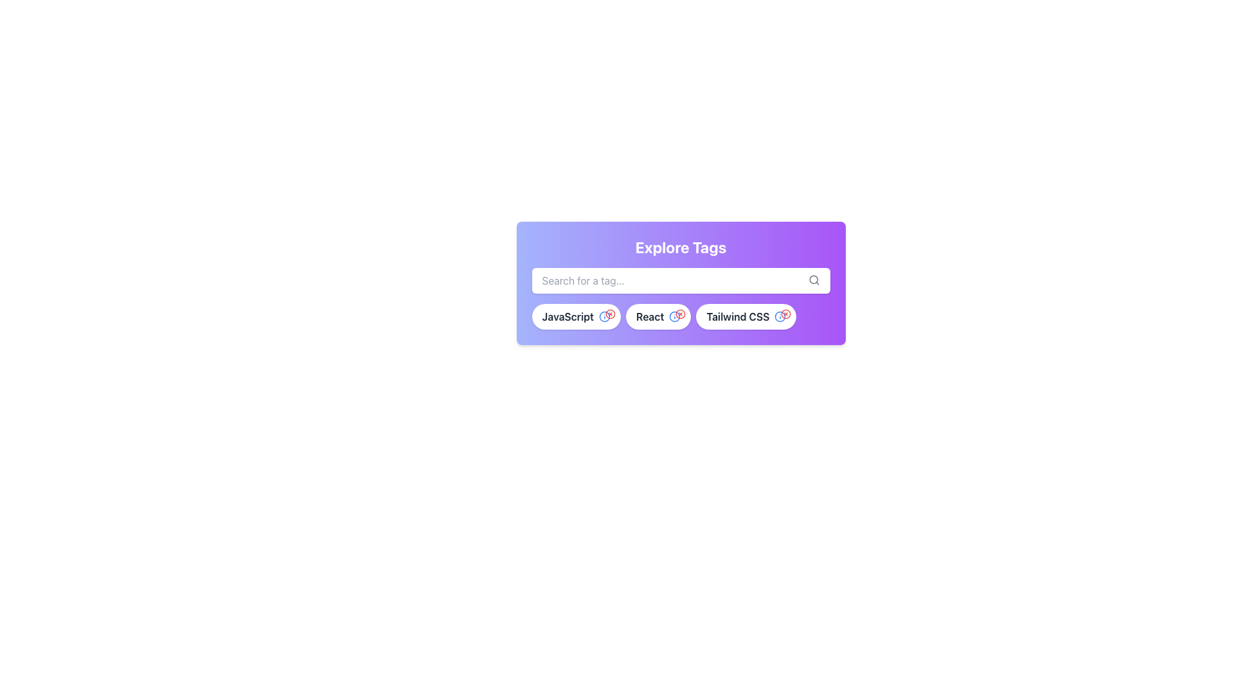  I want to click on the outermost Circle (SVG) element next to the 'React' tag, which serves as part of the information icon, so click(674, 317).